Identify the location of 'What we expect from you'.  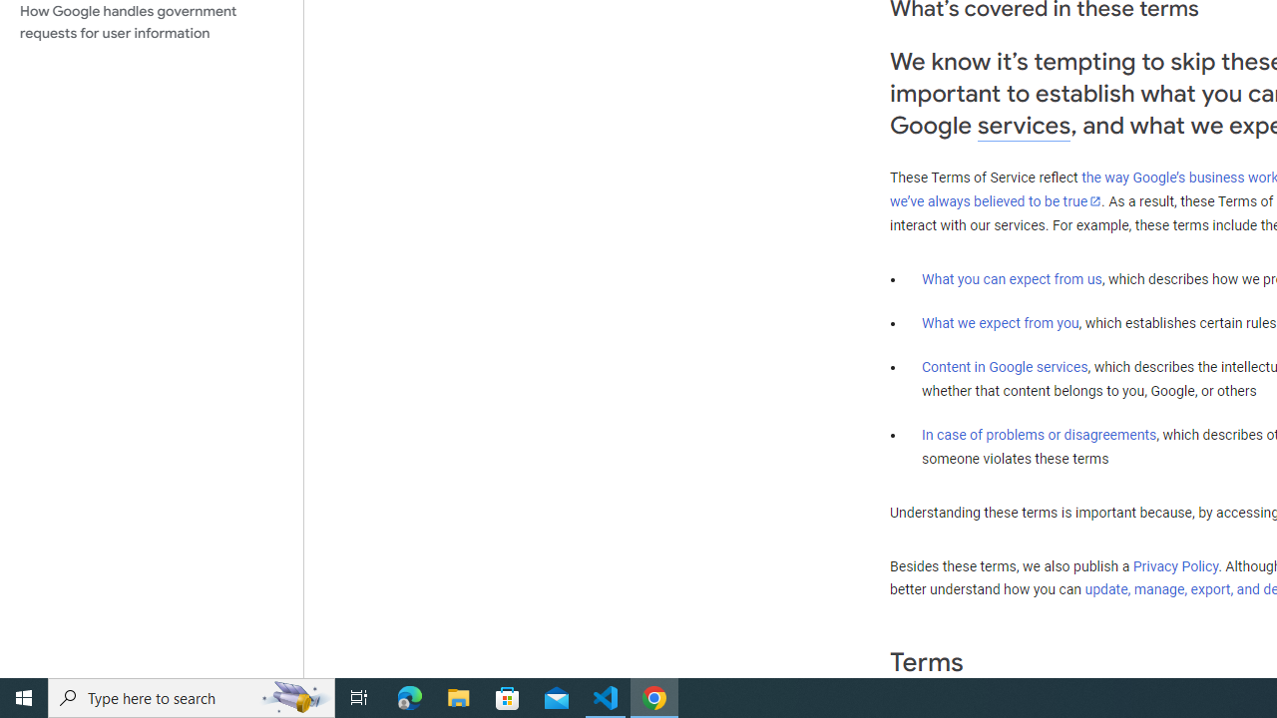
(1000, 322).